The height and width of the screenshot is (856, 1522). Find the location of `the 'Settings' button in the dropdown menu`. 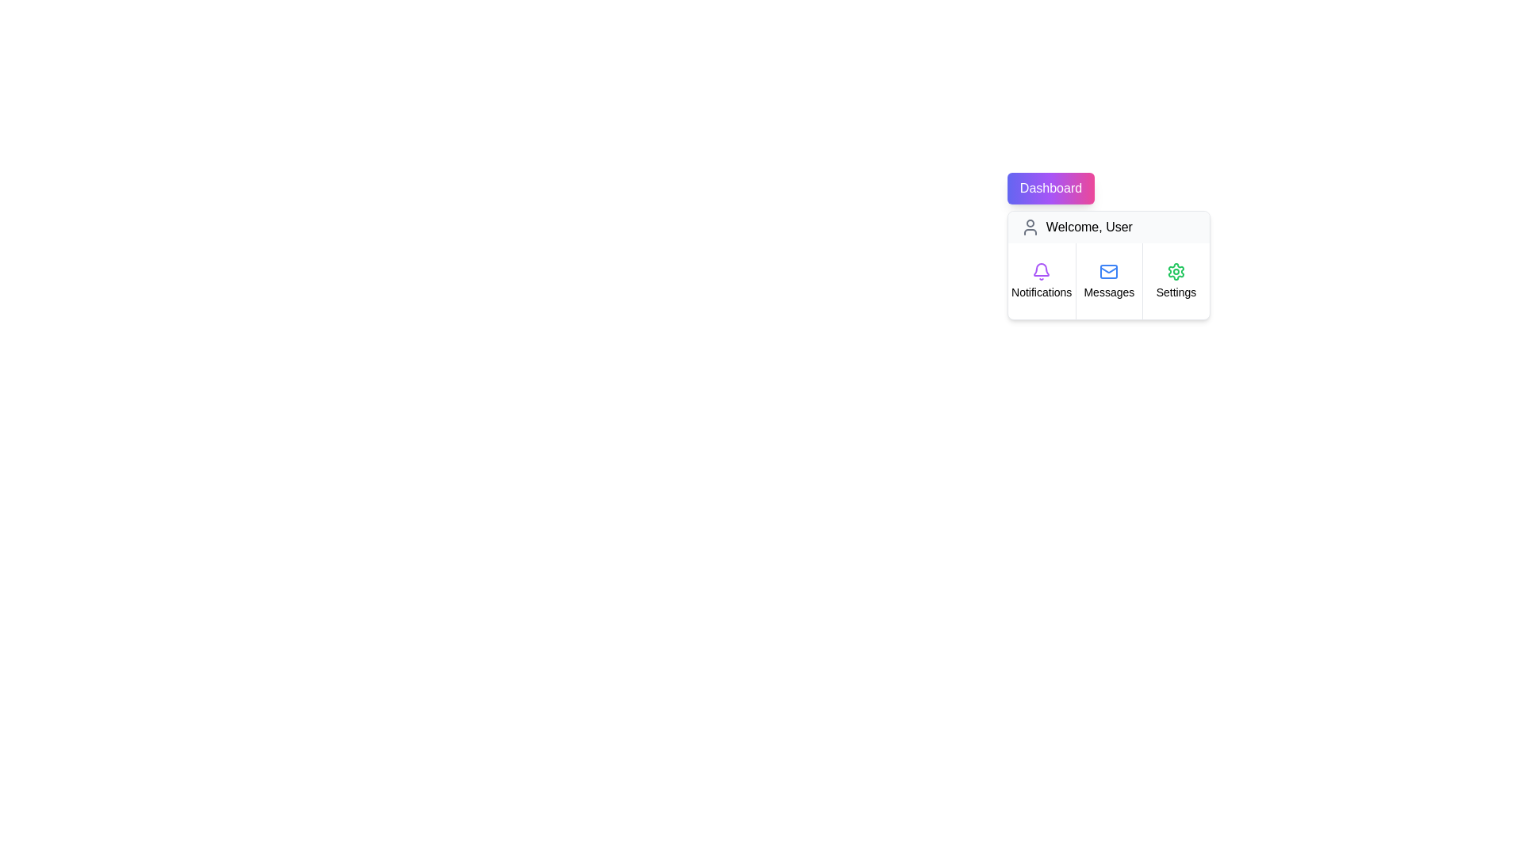

the 'Settings' button in the dropdown menu is located at coordinates (1176, 280).